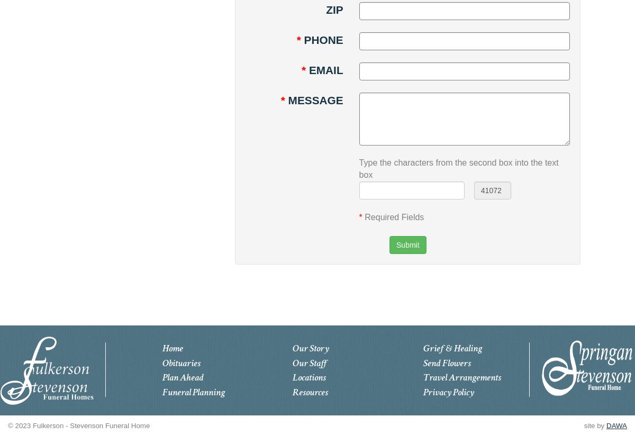  What do you see at coordinates (180, 362) in the screenshot?
I see `'Obituaries'` at bounding box center [180, 362].